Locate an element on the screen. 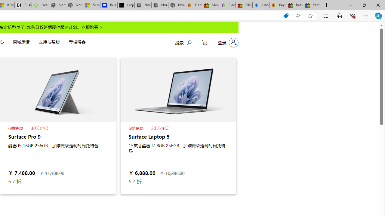  'You have the best price!' is located at coordinates (286, 16).